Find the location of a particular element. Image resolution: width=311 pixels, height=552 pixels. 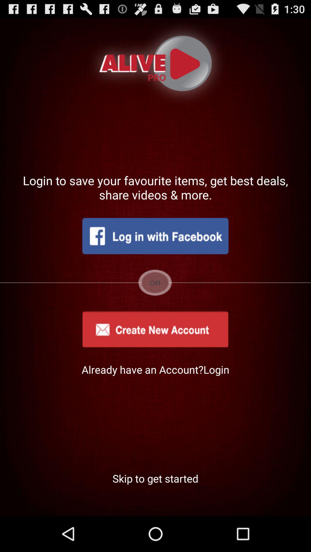

login is located at coordinates (155, 236).